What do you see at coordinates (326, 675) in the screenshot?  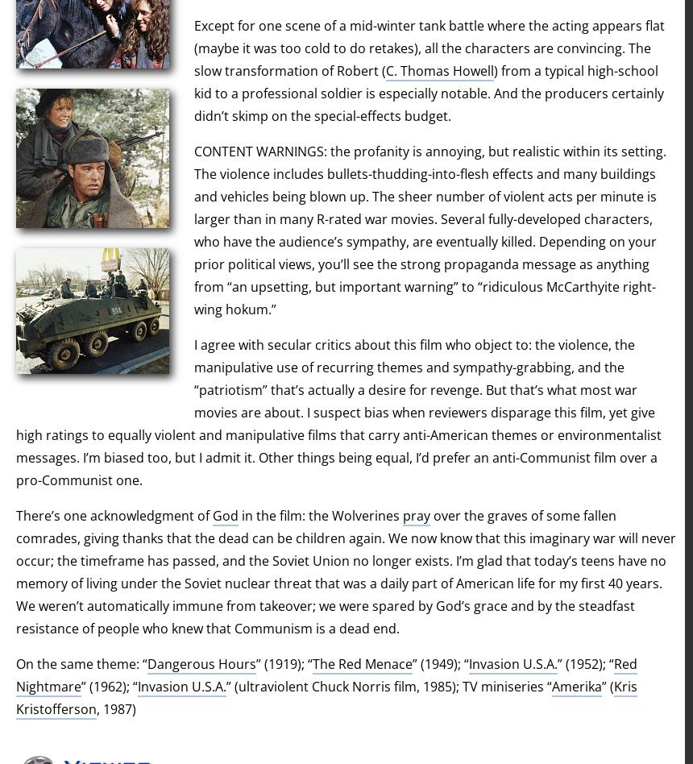 I see `'Red Nightmare'` at bounding box center [326, 675].